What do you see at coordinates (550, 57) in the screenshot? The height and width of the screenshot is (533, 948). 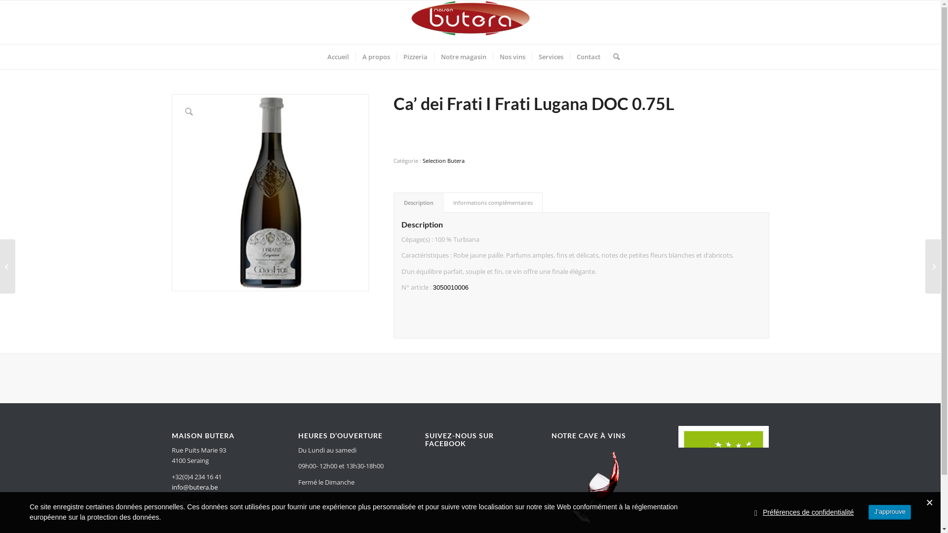 I see `'Services'` at bounding box center [550, 57].